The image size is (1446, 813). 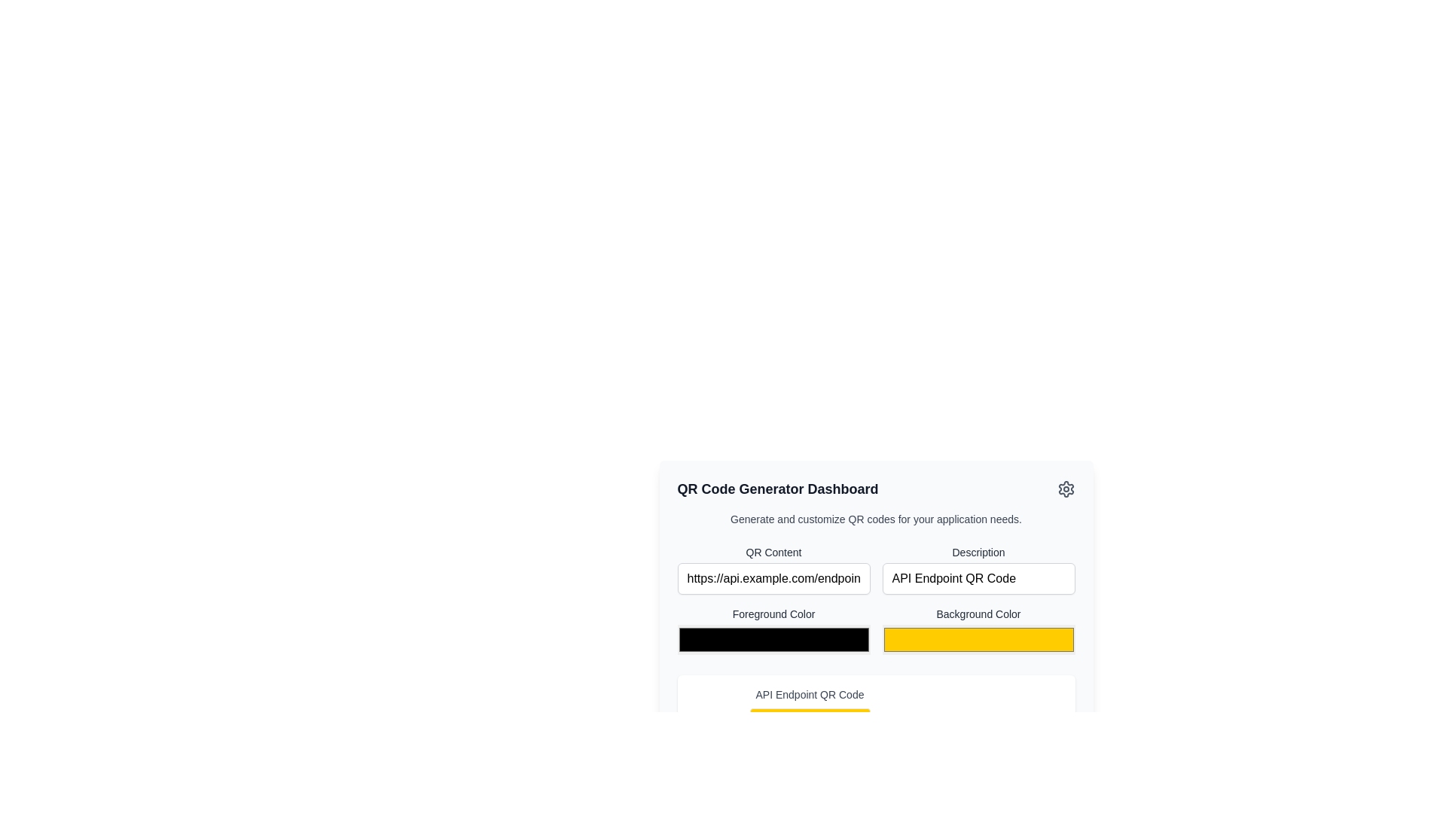 What do you see at coordinates (777, 489) in the screenshot?
I see `the text label that reads 'QR Code Generator Dashboard', which is styled with a large bold font in dark-gray color, located at the upper left of the card-like section` at bounding box center [777, 489].